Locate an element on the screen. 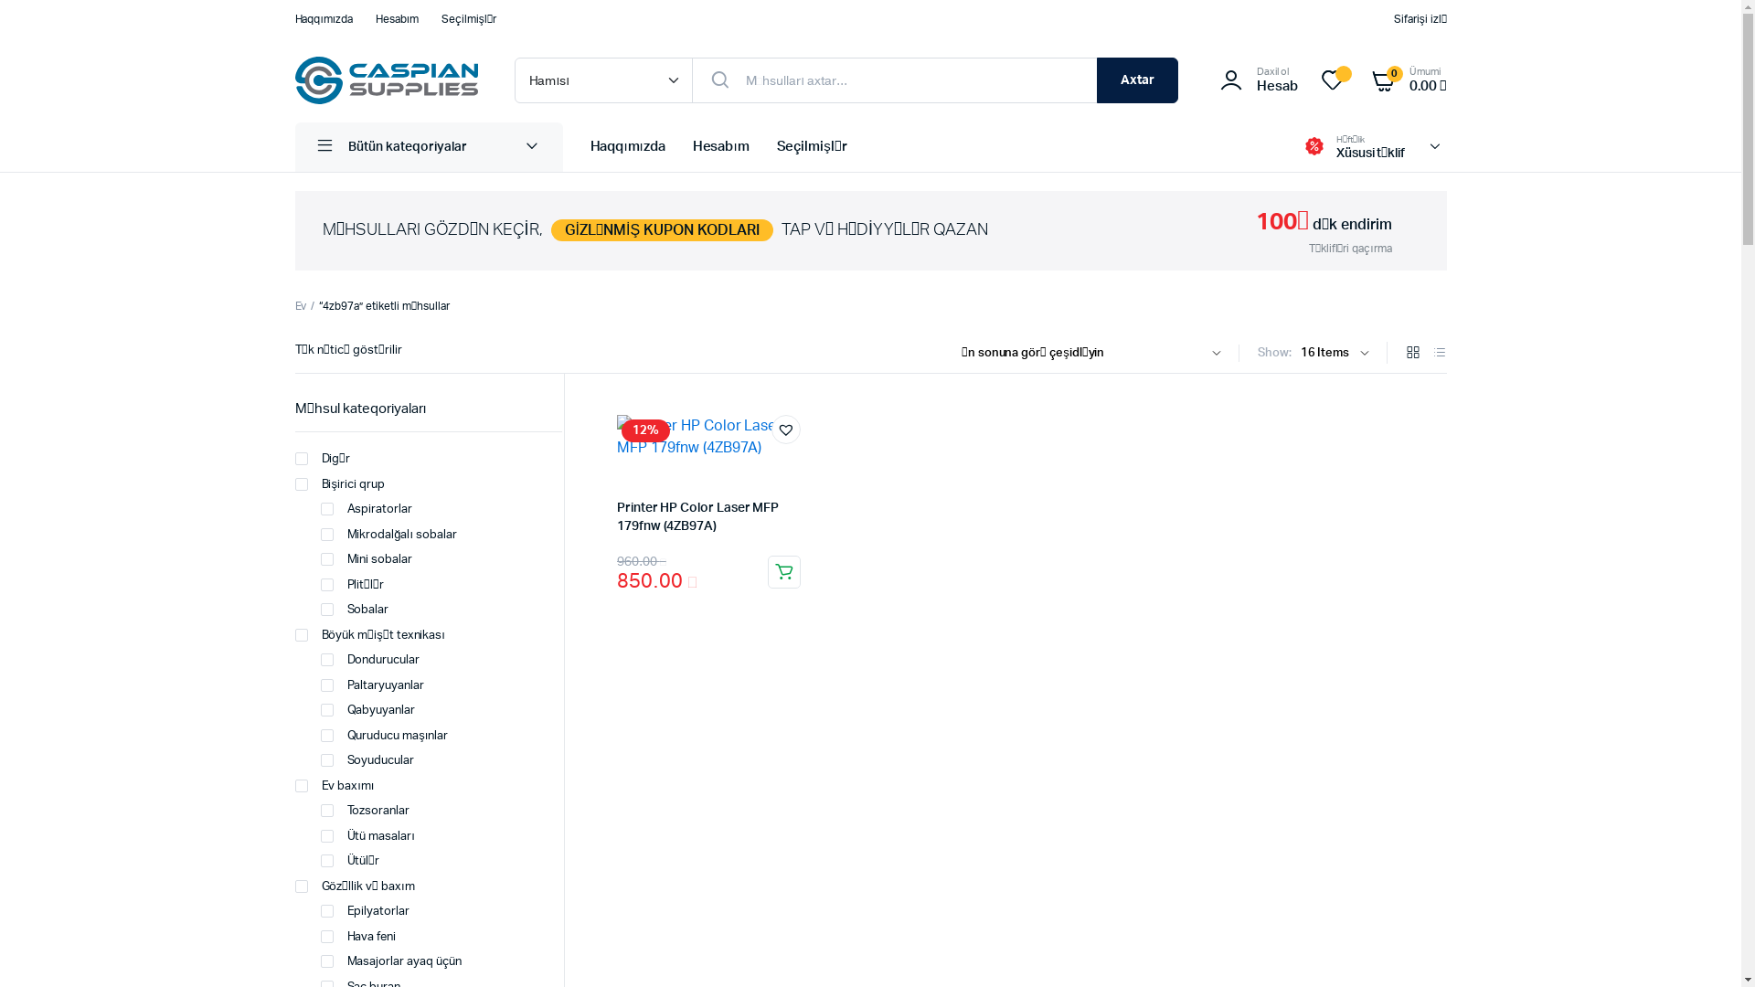 The width and height of the screenshot is (1755, 987). 'Soyuducular' is located at coordinates (366, 761).